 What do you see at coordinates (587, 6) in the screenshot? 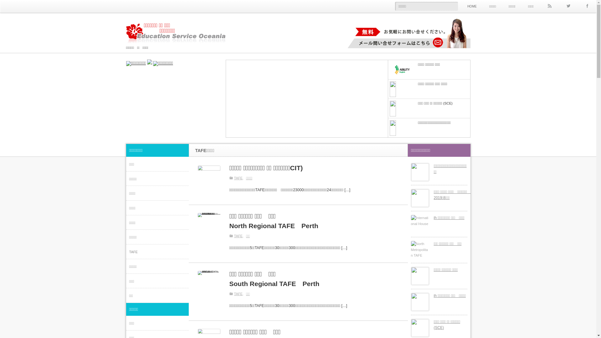
I see `'Facebook'` at bounding box center [587, 6].